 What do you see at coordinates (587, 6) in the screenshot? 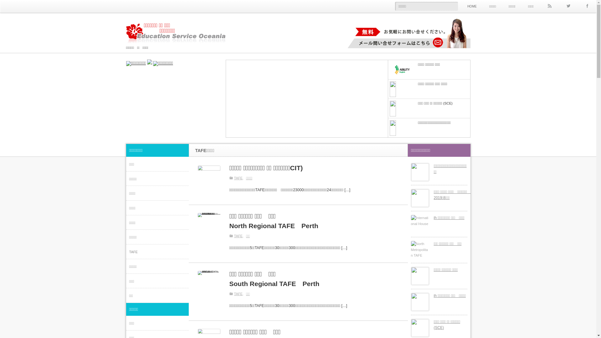
I see `'Facebook'` at bounding box center [587, 6].